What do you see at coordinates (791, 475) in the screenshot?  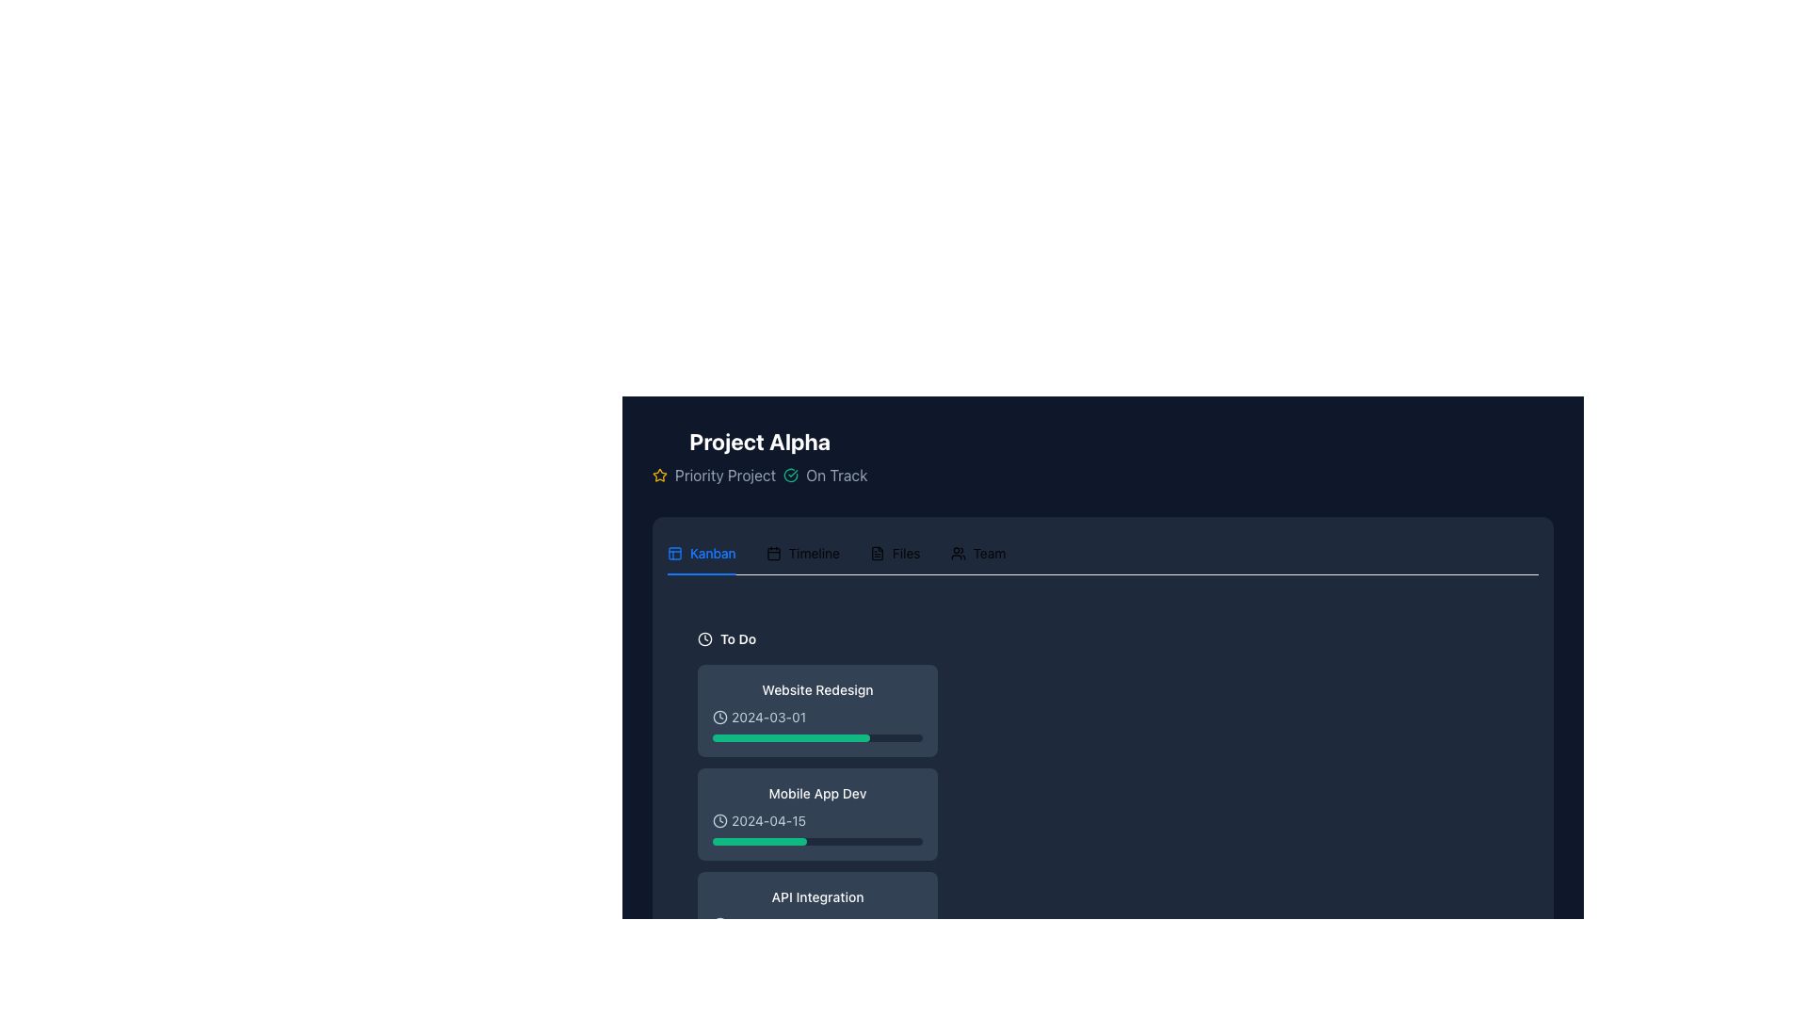 I see `the status represented by the third visual item in the horizontal arrangement of components under the 'Priority Project On Track' text, which is the Indicator Icon indicating a successful status` at bounding box center [791, 475].